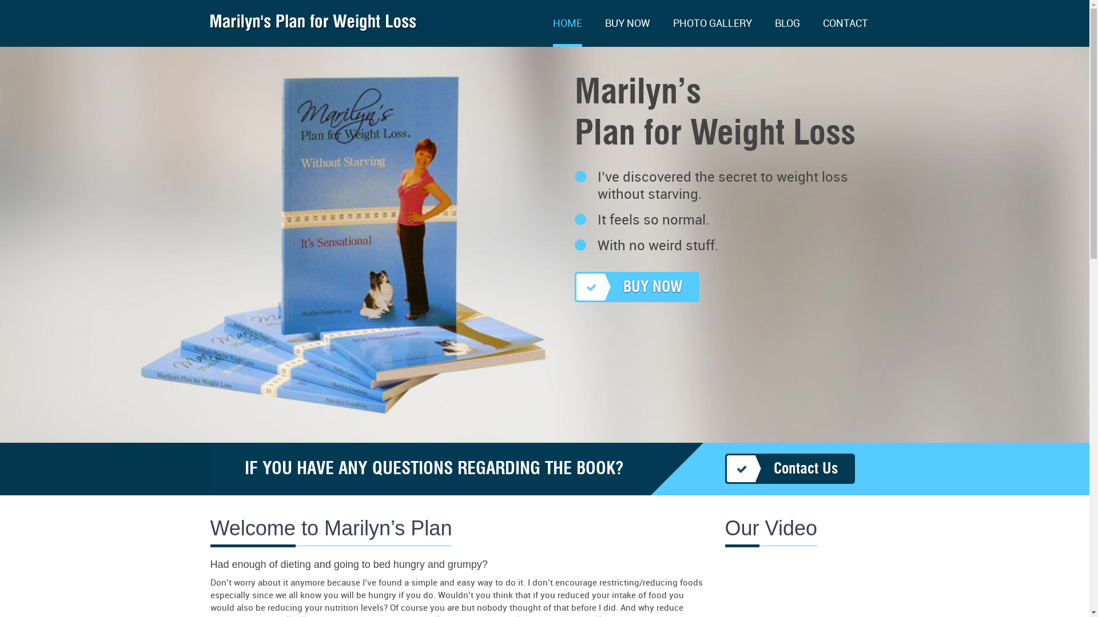 Image resolution: width=1098 pixels, height=617 pixels. What do you see at coordinates (313, 27) in the screenshot?
I see `'Marilyn's Plan for Weight Loss'` at bounding box center [313, 27].